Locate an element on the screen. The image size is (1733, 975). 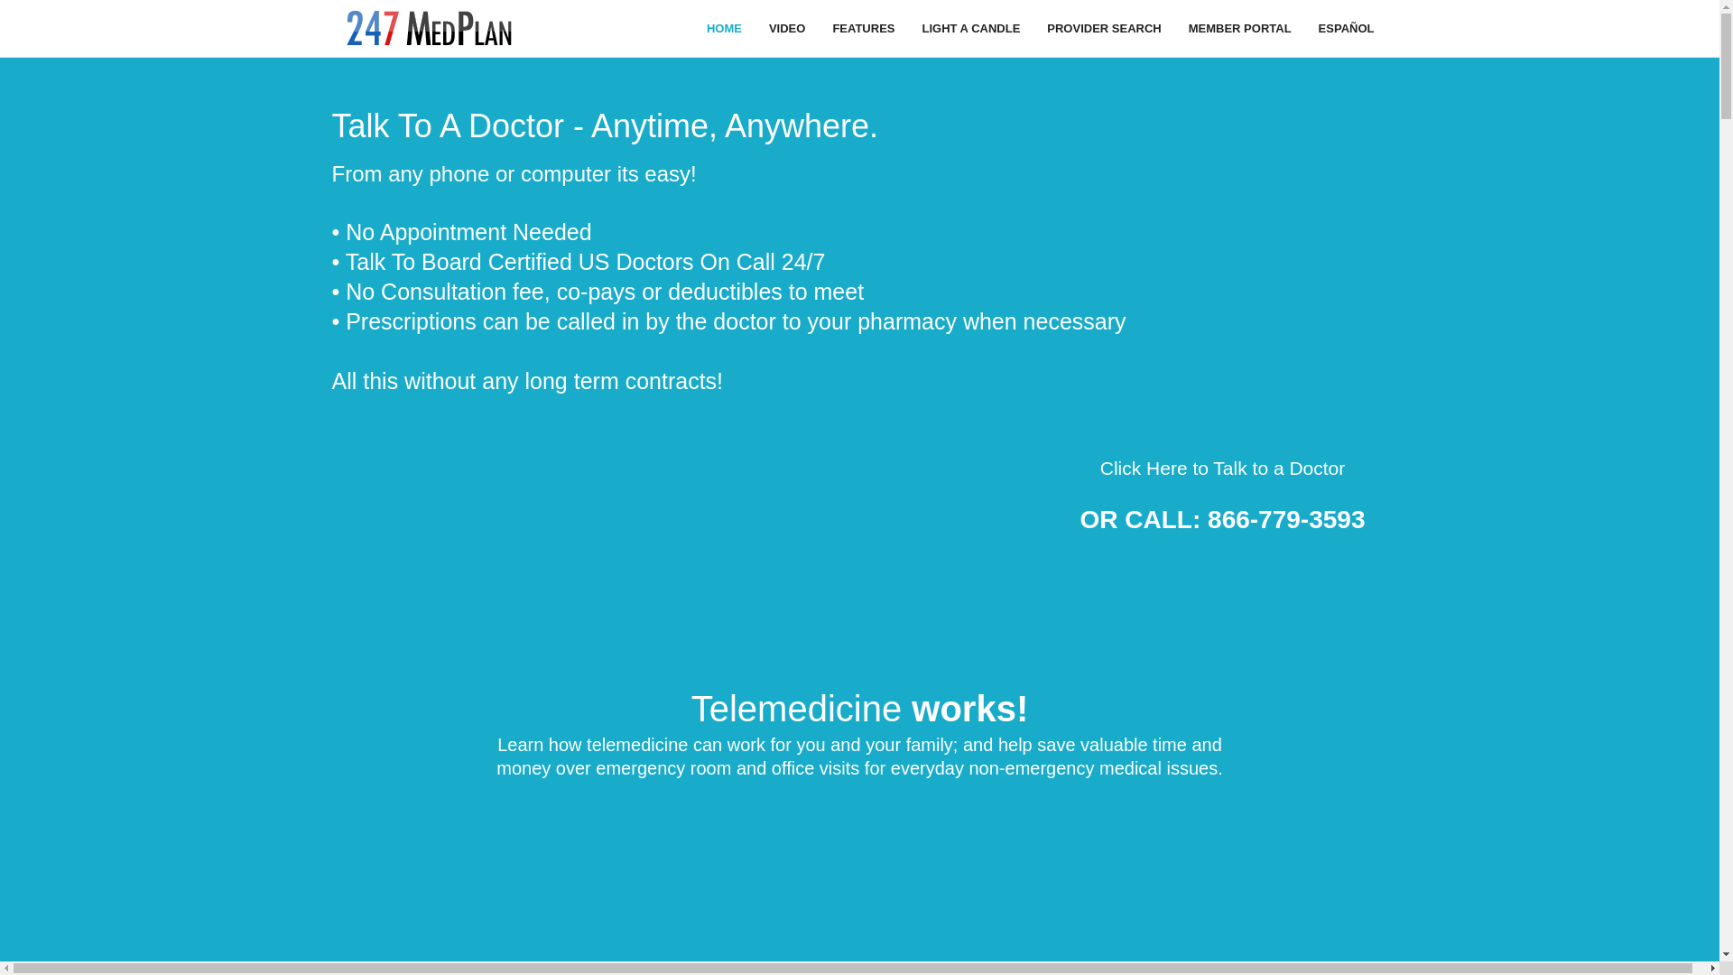
'LIGHT A CANDLE' is located at coordinates (969, 28).